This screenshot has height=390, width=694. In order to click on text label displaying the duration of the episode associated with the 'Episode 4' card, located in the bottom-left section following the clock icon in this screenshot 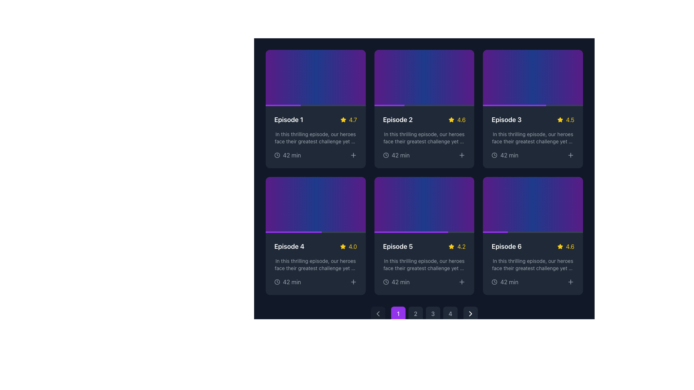, I will do `click(292, 282)`.